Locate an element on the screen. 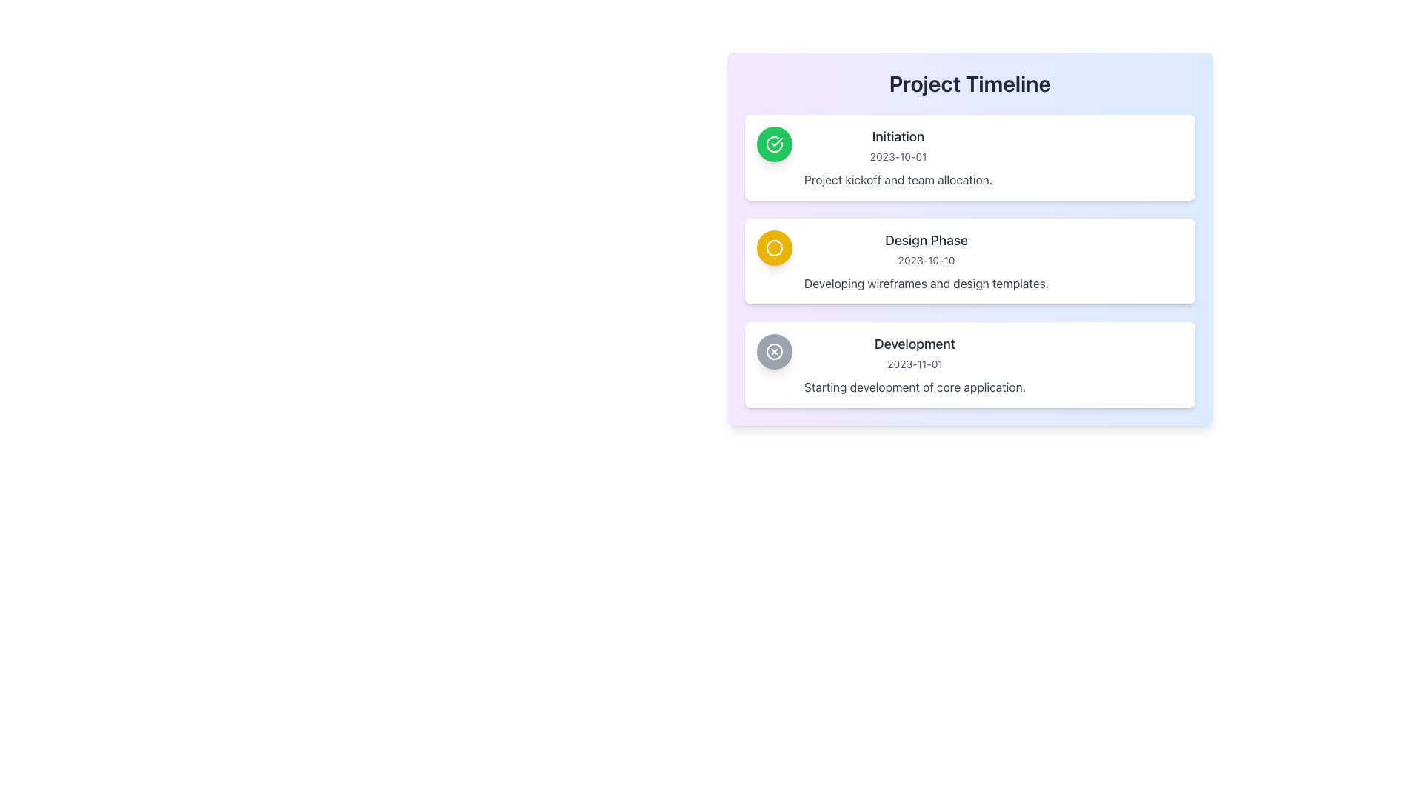 This screenshot has width=1422, height=800. the completion indicator icon located on the left side of the 'Initiation' section in the timeline is located at coordinates (776, 142).